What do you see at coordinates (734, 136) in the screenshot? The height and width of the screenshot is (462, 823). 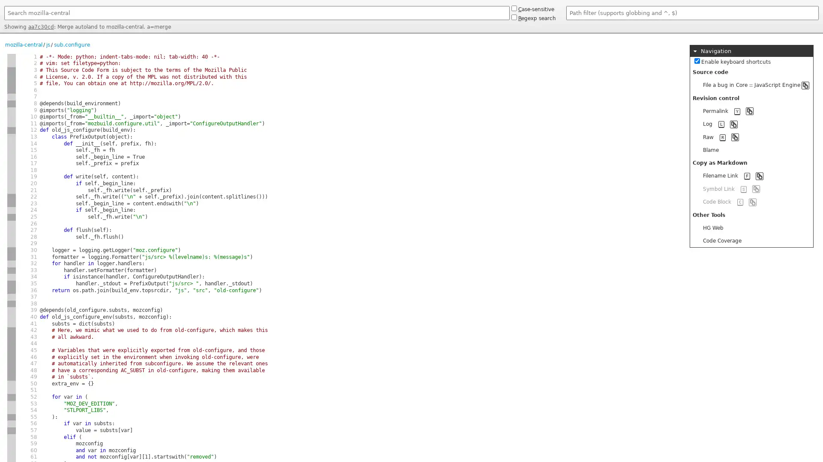 I see `Copy to clipboard` at bounding box center [734, 136].